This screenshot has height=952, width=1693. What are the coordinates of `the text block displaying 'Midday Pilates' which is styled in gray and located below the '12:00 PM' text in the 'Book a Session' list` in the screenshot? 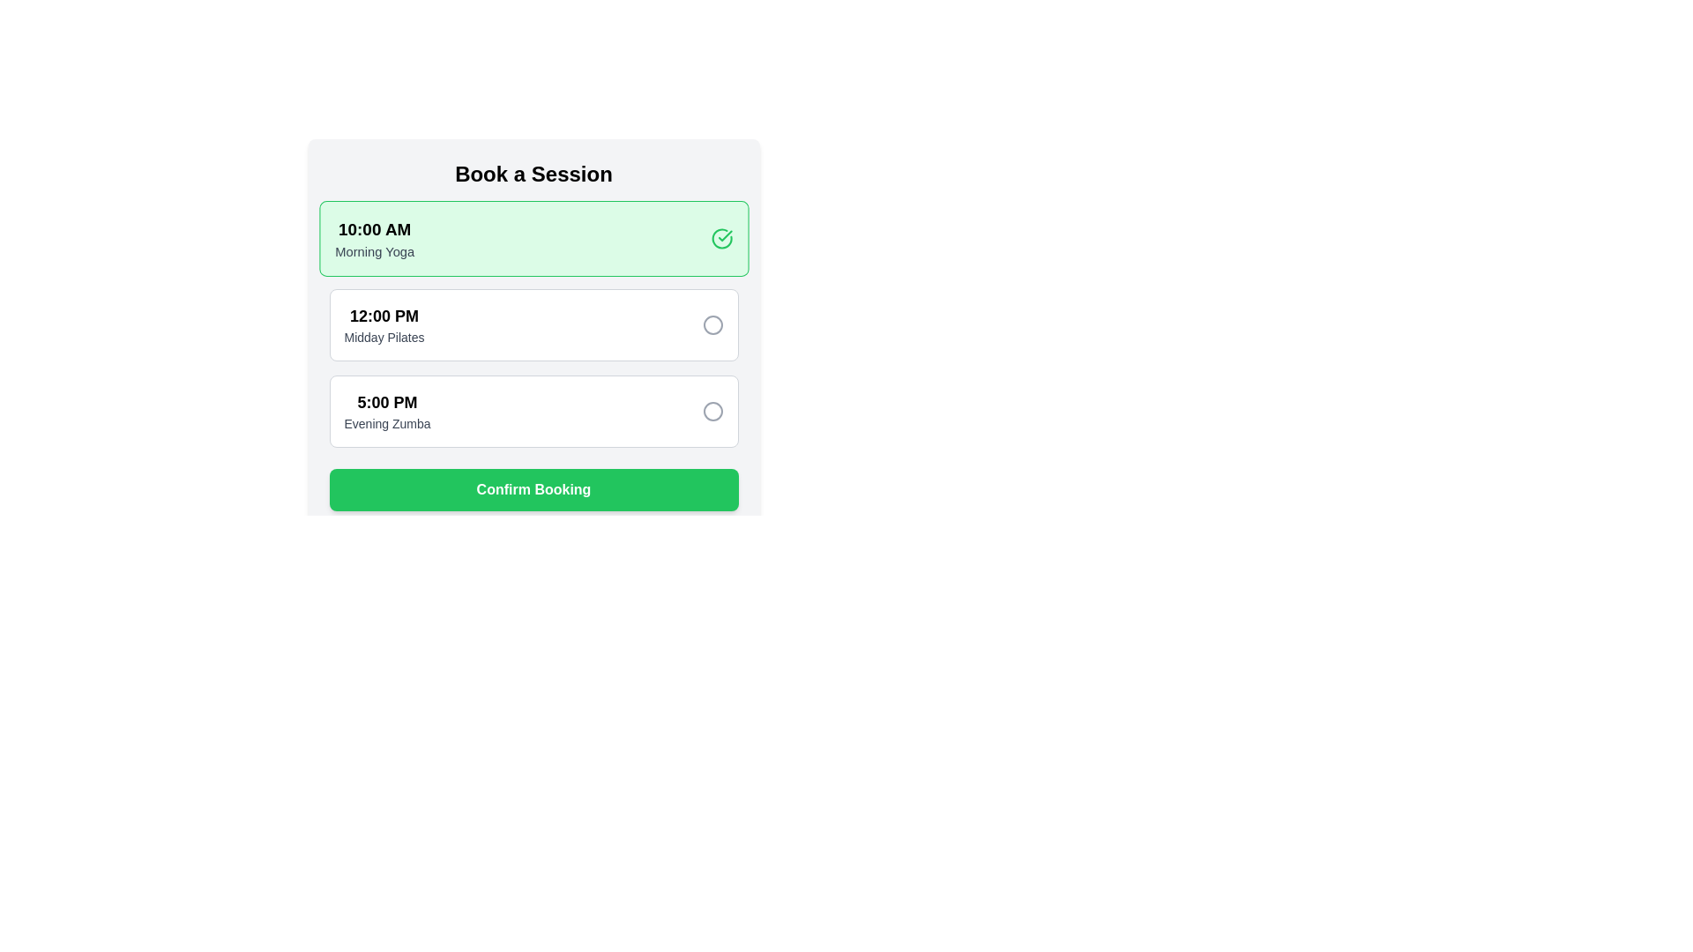 It's located at (384, 337).